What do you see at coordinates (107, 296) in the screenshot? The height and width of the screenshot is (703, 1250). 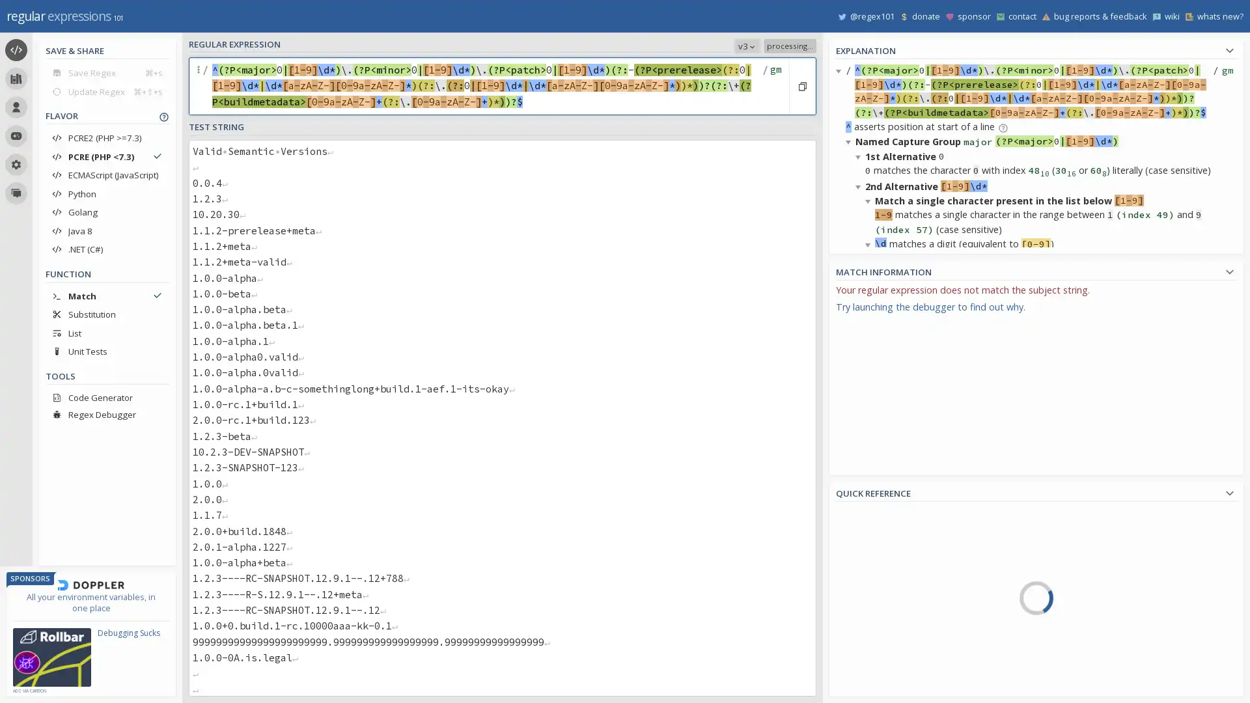 I see `Match` at bounding box center [107, 296].